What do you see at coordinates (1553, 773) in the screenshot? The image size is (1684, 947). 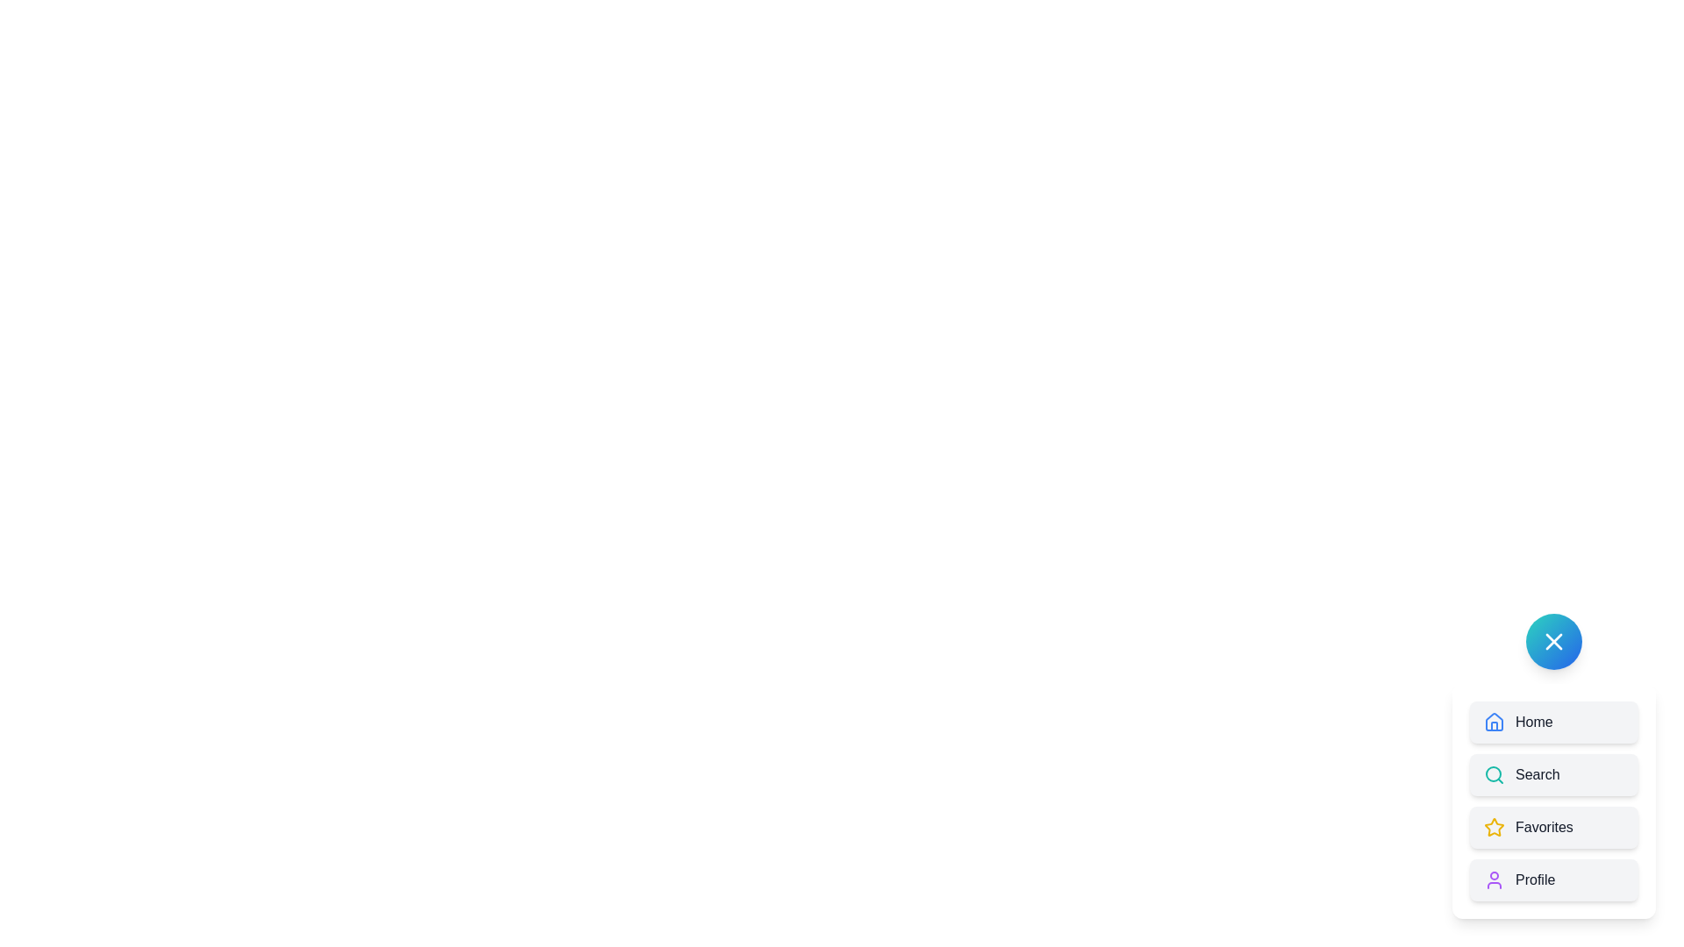 I see `the 'Search' button, which is the second button in the menu group, featuring a teal magnifying glass icon and black text on a light gray background` at bounding box center [1553, 773].